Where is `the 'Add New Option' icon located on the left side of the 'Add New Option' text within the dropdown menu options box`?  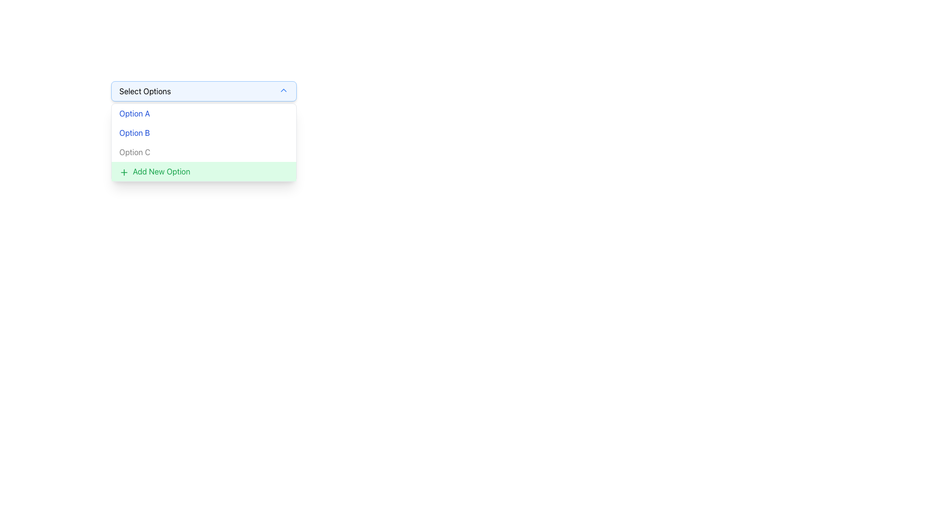 the 'Add New Option' icon located on the left side of the 'Add New Option' text within the dropdown menu options box is located at coordinates (124, 171).